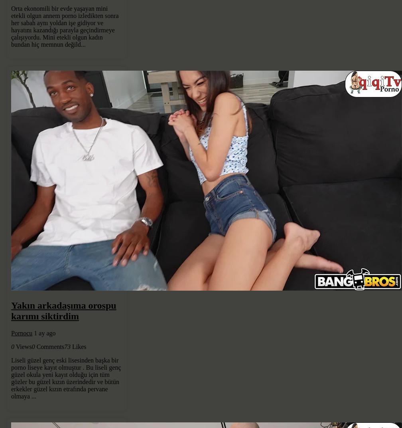  Describe the element at coordinates (11, 26) in the screenshot. I see `'Orta ekonomili bir evde yaşayan mini etekli olgun annem porno izledikten sonra her sabah aynı yoldan işe gidiyor ve hayatını kazandığı parayla geçindirmeye çalışıyordu. Mini etekli olgun kadın bundan hiç memnun değild...'` at that location.